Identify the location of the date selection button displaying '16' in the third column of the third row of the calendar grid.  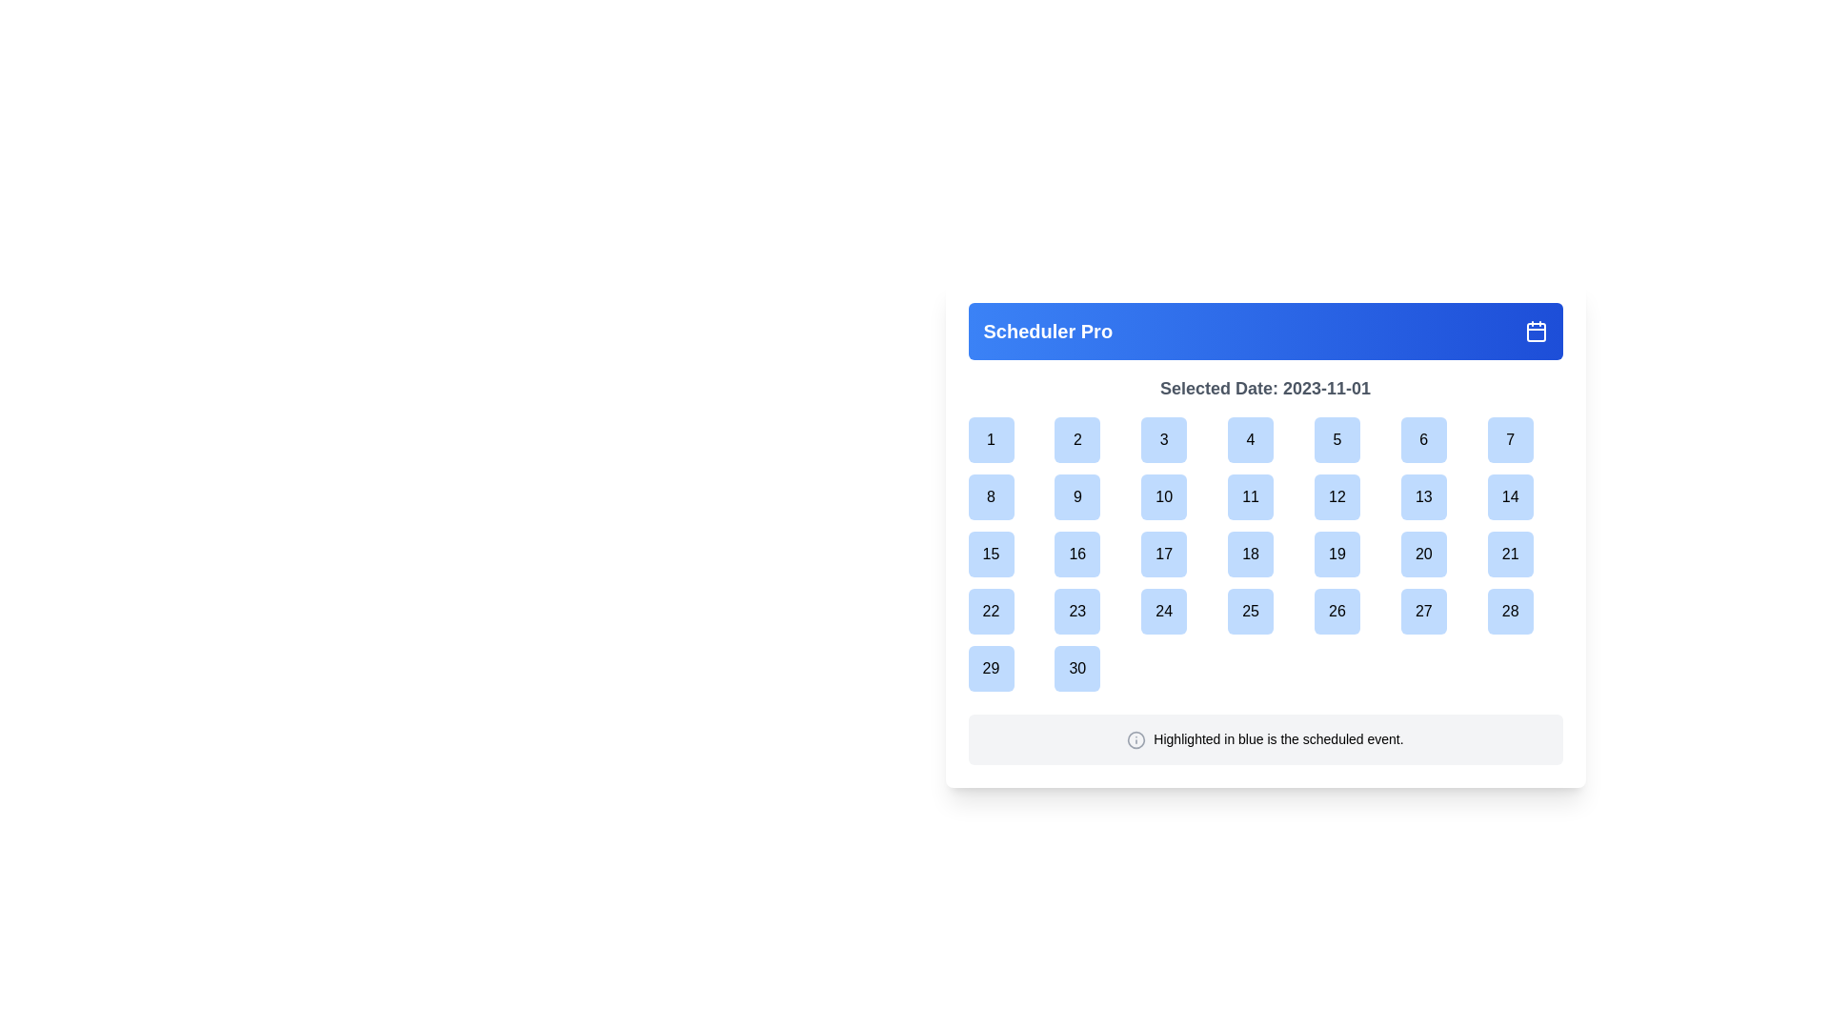
(1077, 555).